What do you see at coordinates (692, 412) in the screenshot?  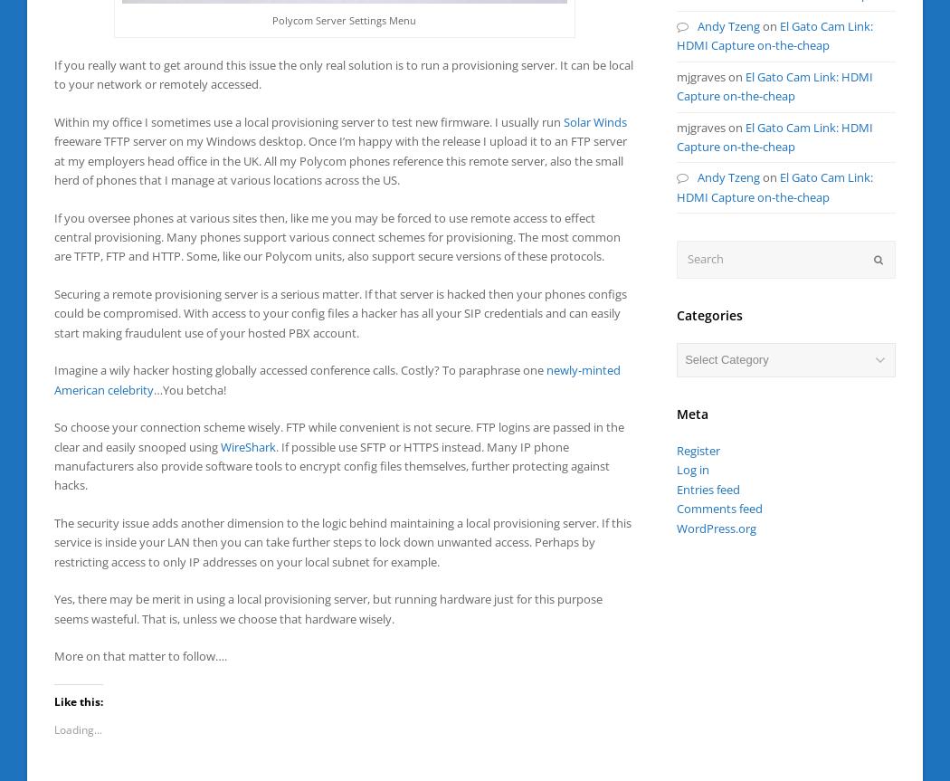 I see `'Meta'` at bounding box center [692, 412].